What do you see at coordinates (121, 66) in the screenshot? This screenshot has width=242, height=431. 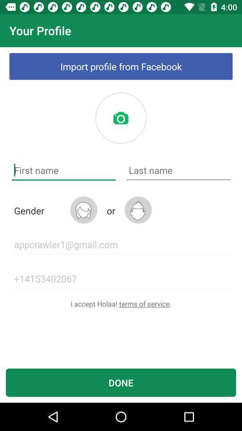 I see `import profile from icon` at bounding box center [121, 66].